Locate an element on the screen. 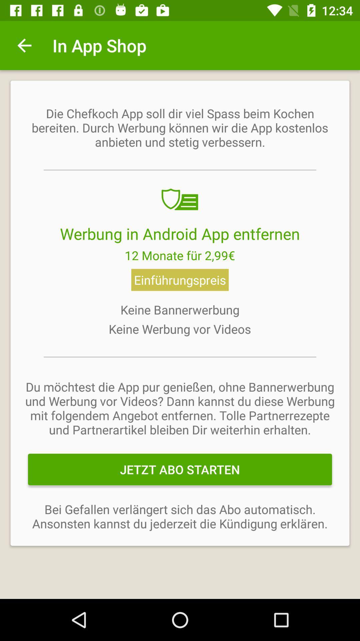 The height and width of the screenshot is (641, 360). icon next to the in app shop item is located at coordinates (24, 45).